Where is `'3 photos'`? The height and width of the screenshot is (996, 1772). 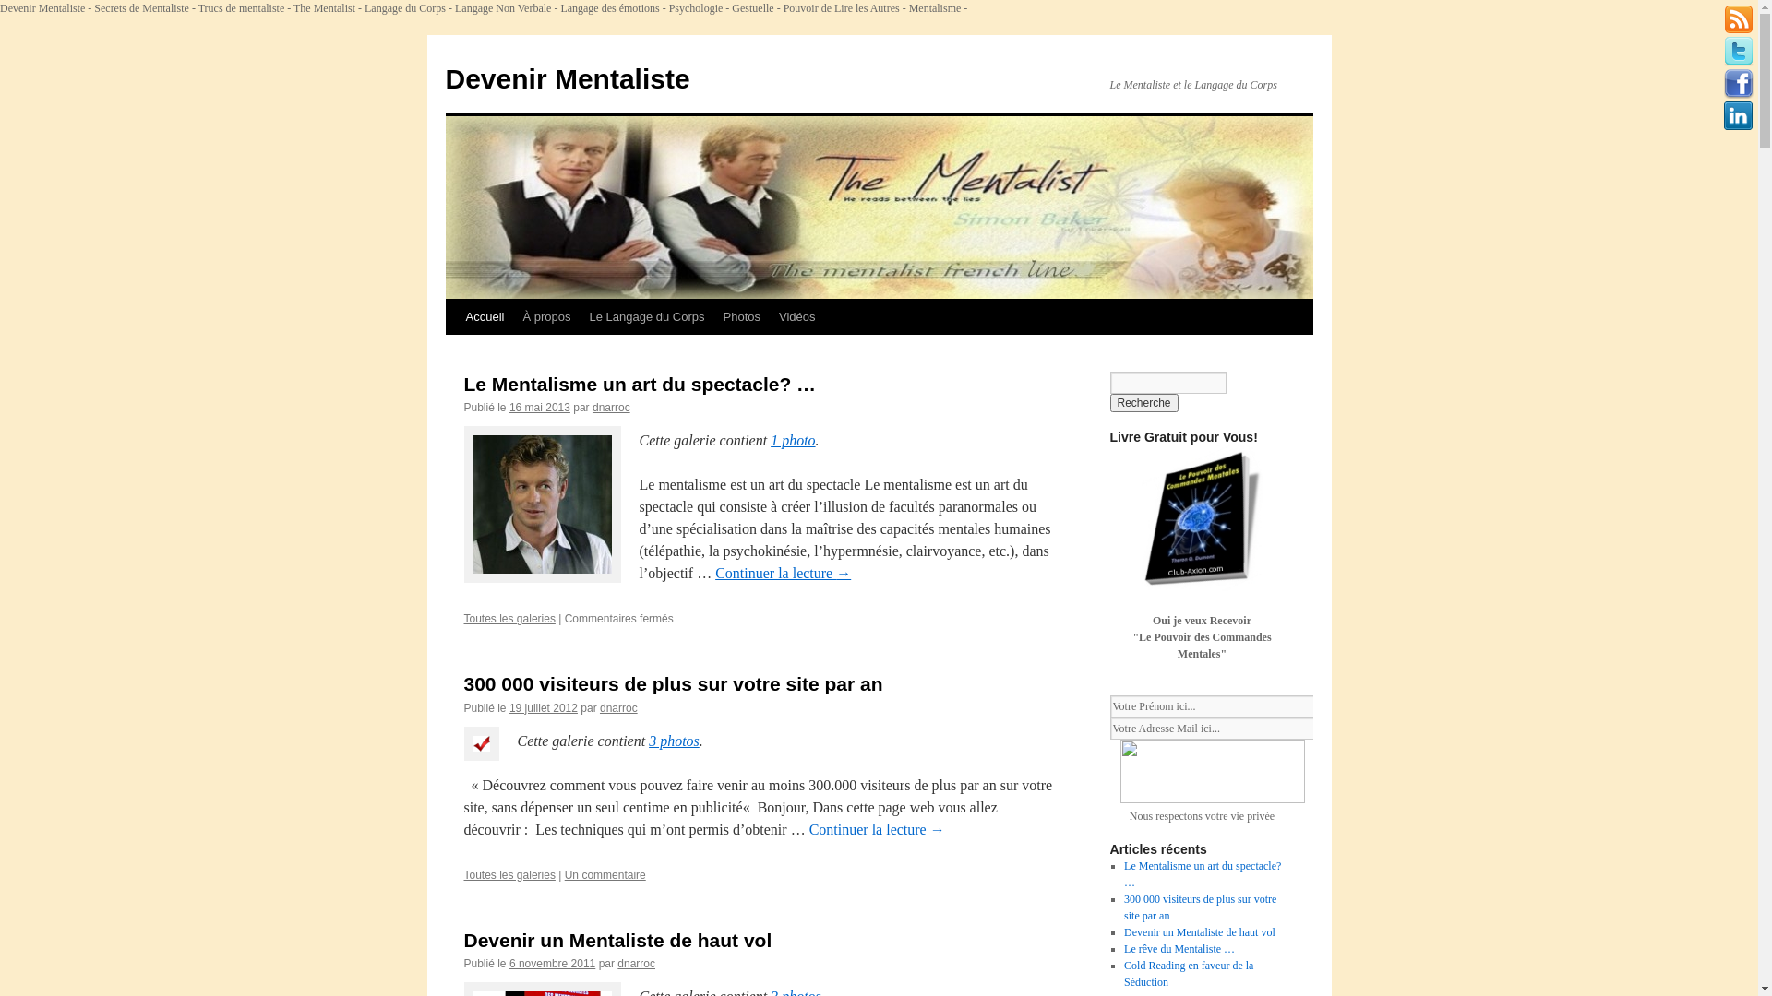 '3 photos' is located at coordinates (673, 740).